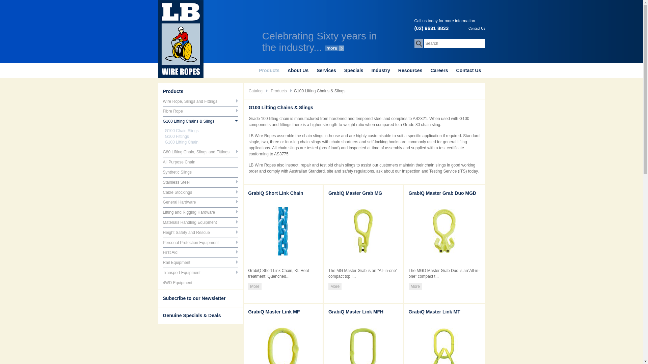 This screenshot has height=364, width=648. What do you see at coordinates (188, 121) in the screenshot?
I see `'G100 Lifting Chains & Slings'` at bounding box center [188, 121].